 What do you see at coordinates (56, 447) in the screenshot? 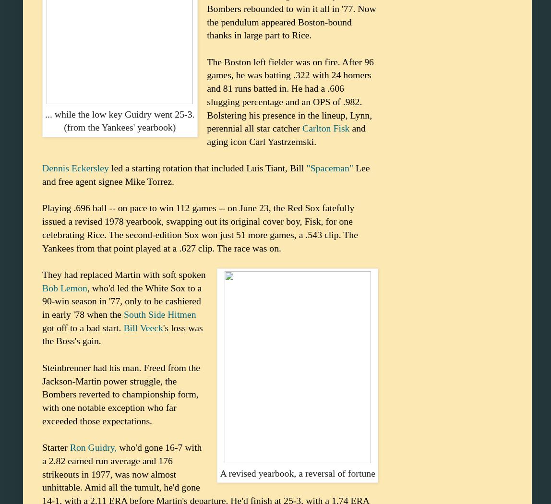
I see `'Starter'` at bounding box center [56, 447].